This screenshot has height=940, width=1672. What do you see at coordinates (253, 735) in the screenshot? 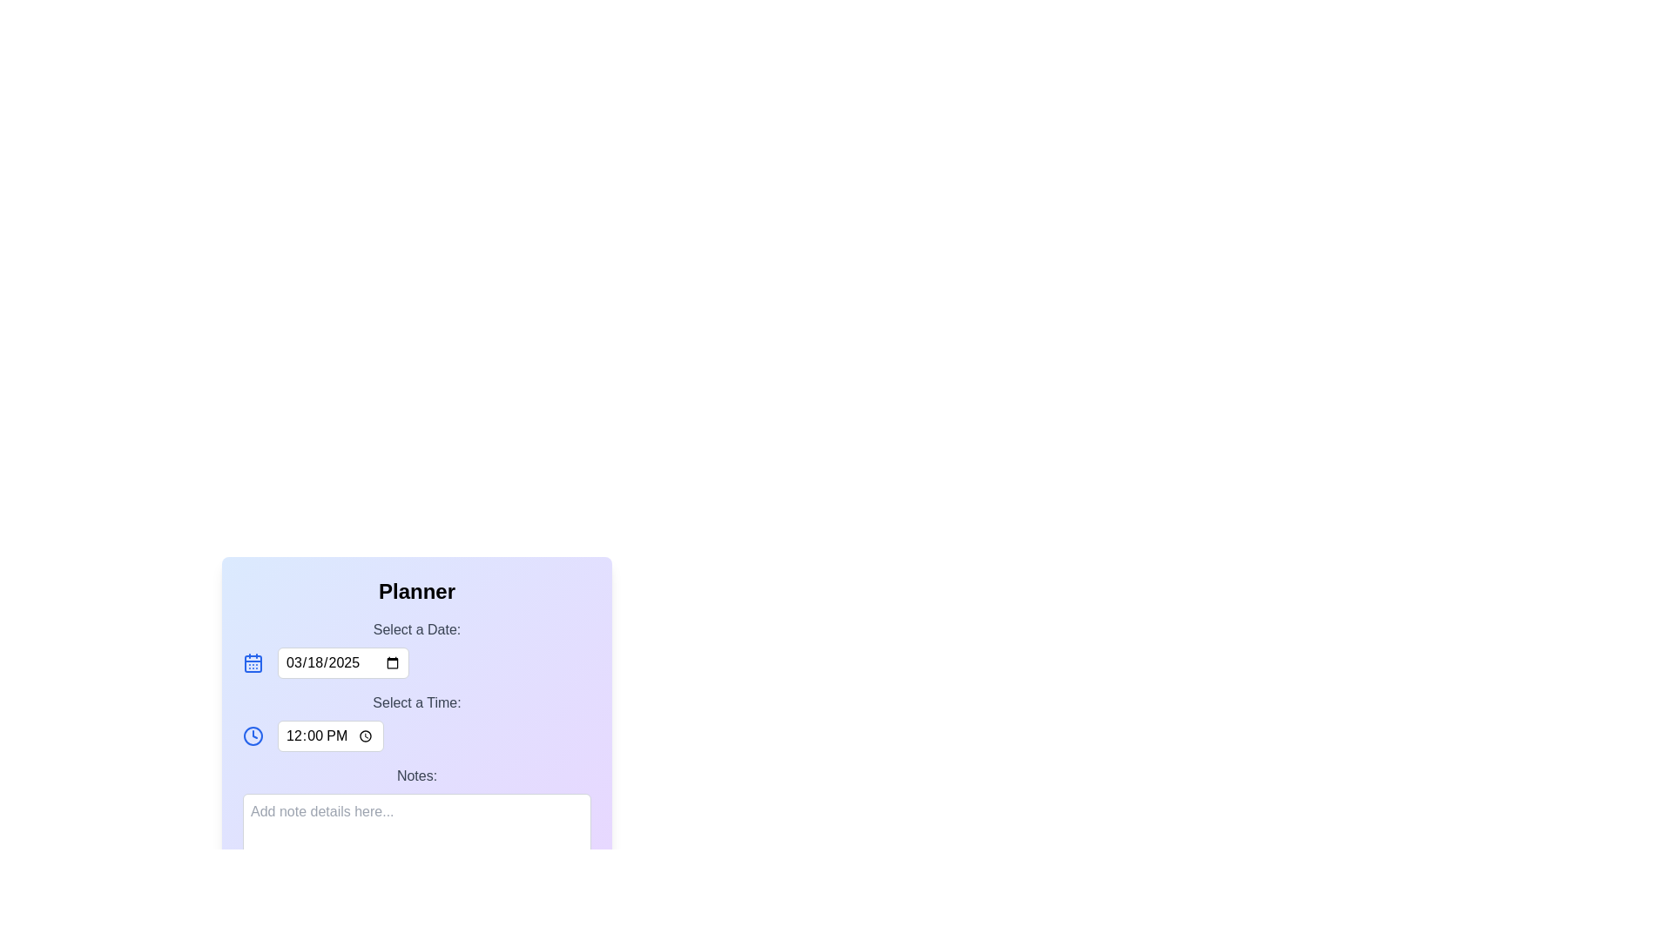
I see `the blue circular graphic that represents the outer border of the clock icon located near the 'Select a Time' label` at bounding box center [253, 735].